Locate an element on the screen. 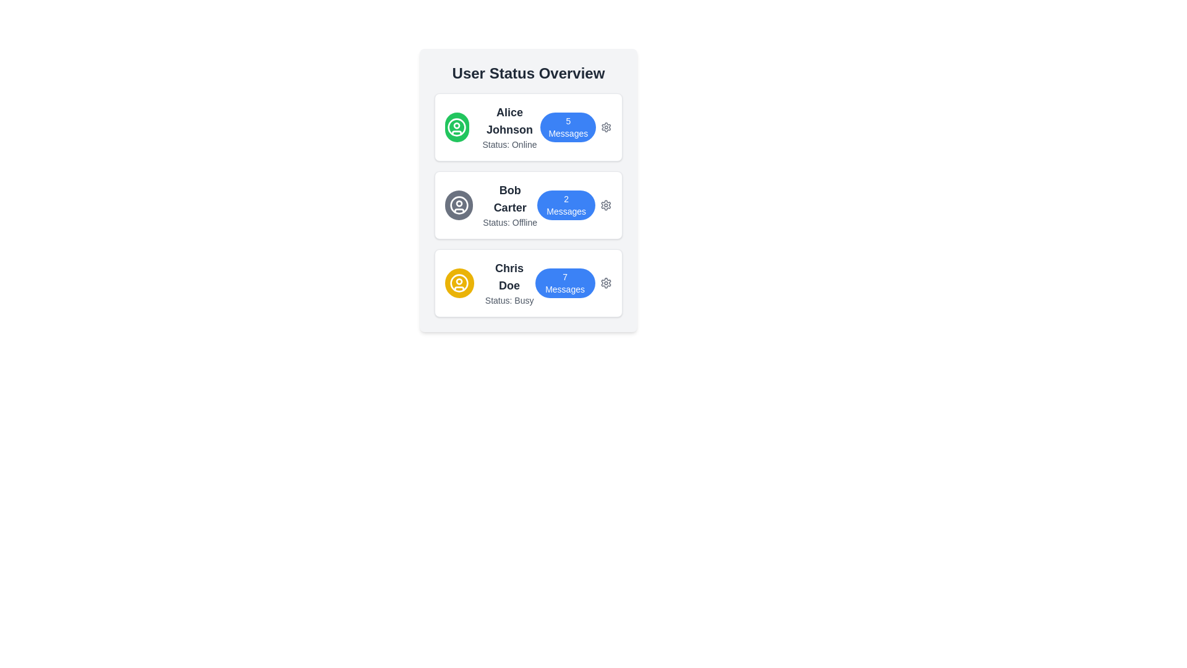 The width and height of the screenshot is (1187, 668). the Avatar icon with a bright yellow background located to the left of 'Chris Doe' and above 'Status: Busy' in the 'User Status Overview' section is located at coordinates (459, 283).